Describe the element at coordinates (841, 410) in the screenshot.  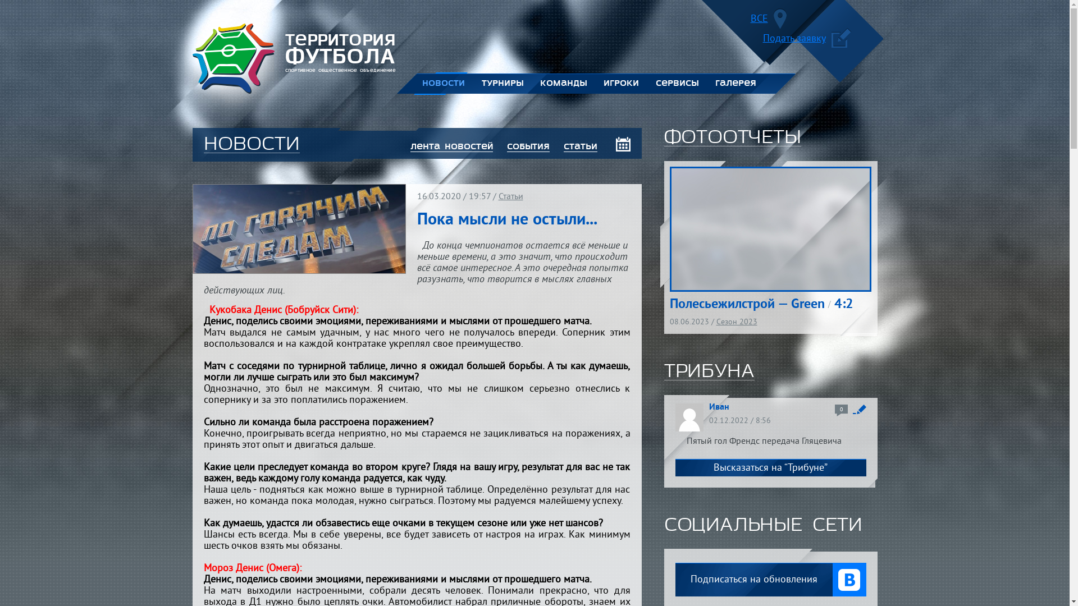
I see `'0'` at that location.